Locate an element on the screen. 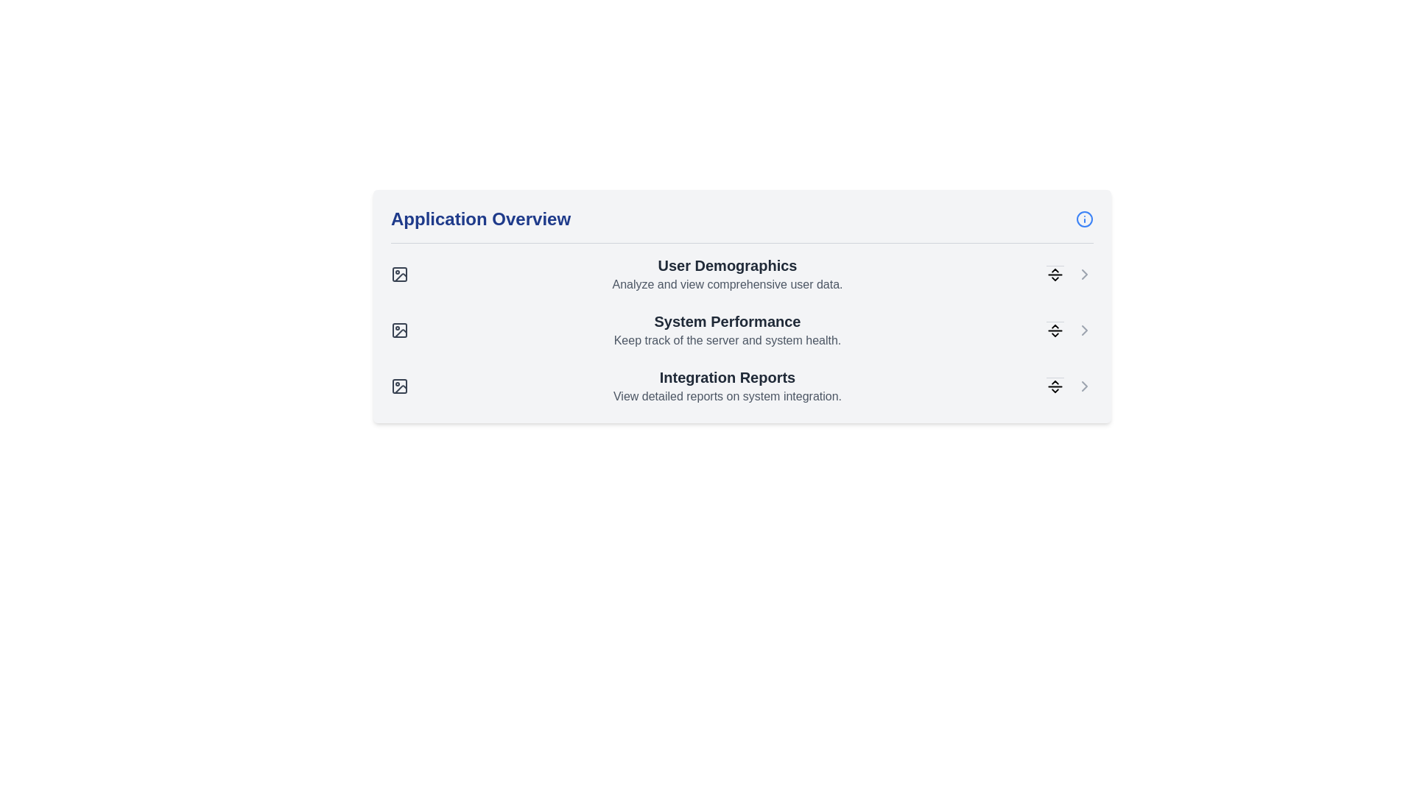 The image size is (1414, 795). the down arrow of the horizontally oriented separator with directional indicators located on the right side of the 'User Demographics' section to move downward is located at coordinates (1055, 275).